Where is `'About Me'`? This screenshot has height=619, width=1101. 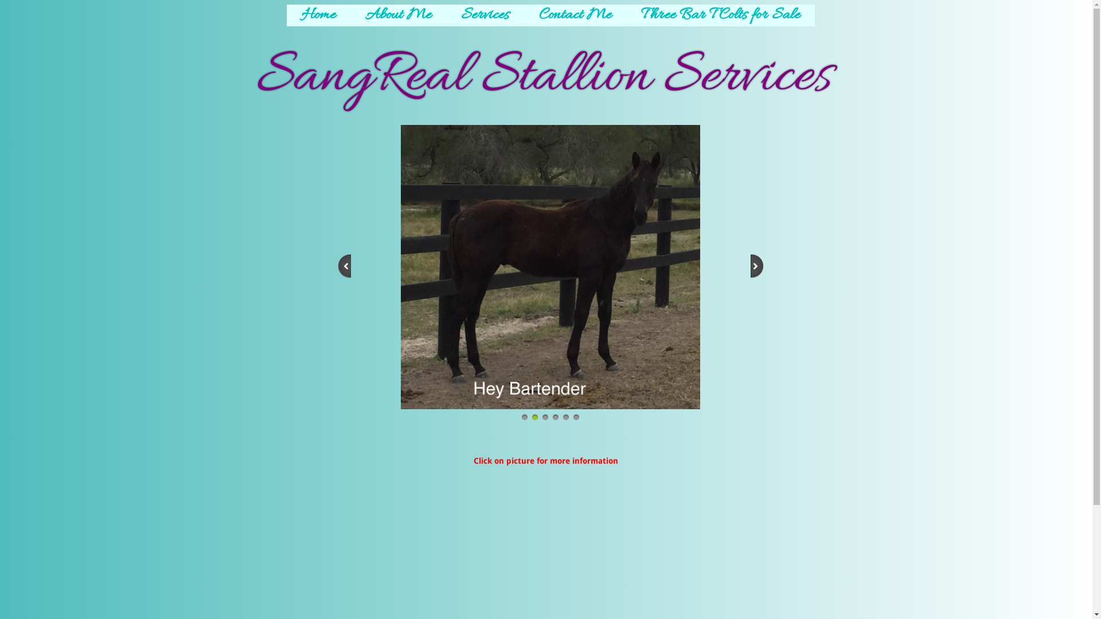
'About Me' is located at coordinates (349, 15).